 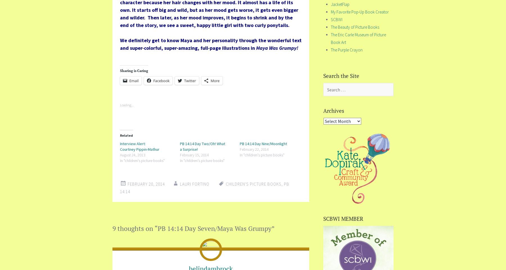 What do you see at coordinates (253, 184) in the screenshot?
I see `'children's picture books'` at bounding box center [253, 184].